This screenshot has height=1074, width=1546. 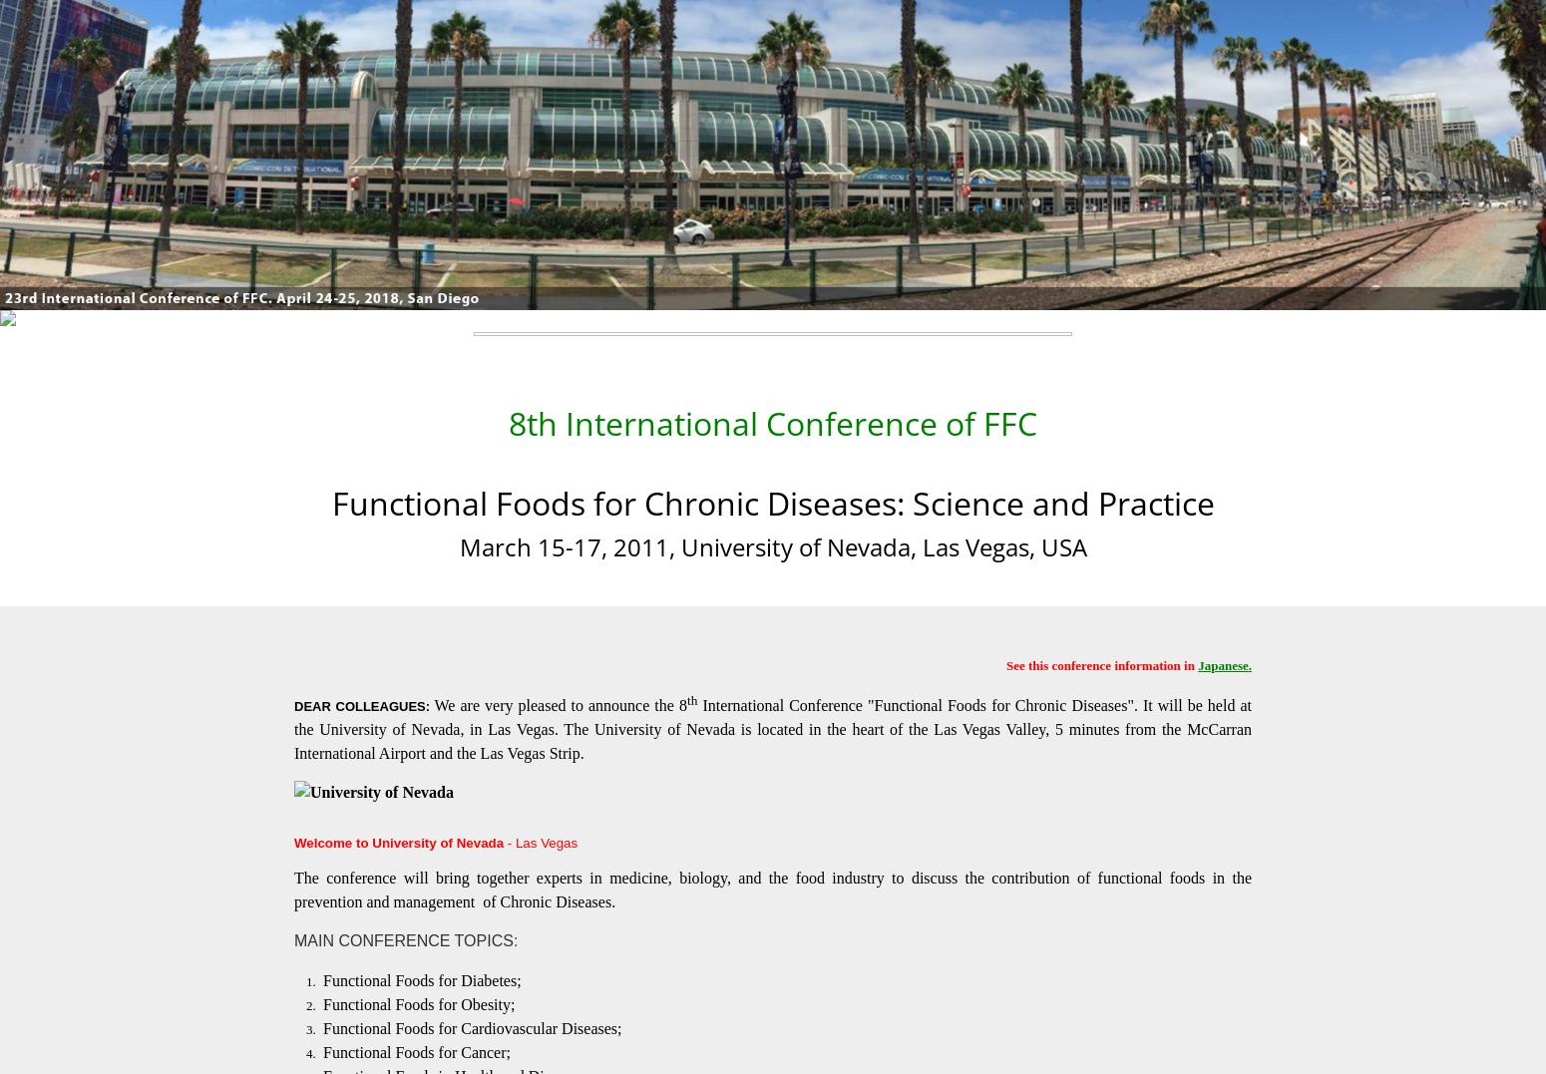 What do you see at coordinates (1100, 663) in the screenshot?
I see `'See this conference information in'` at bounding box center [1100, 663].